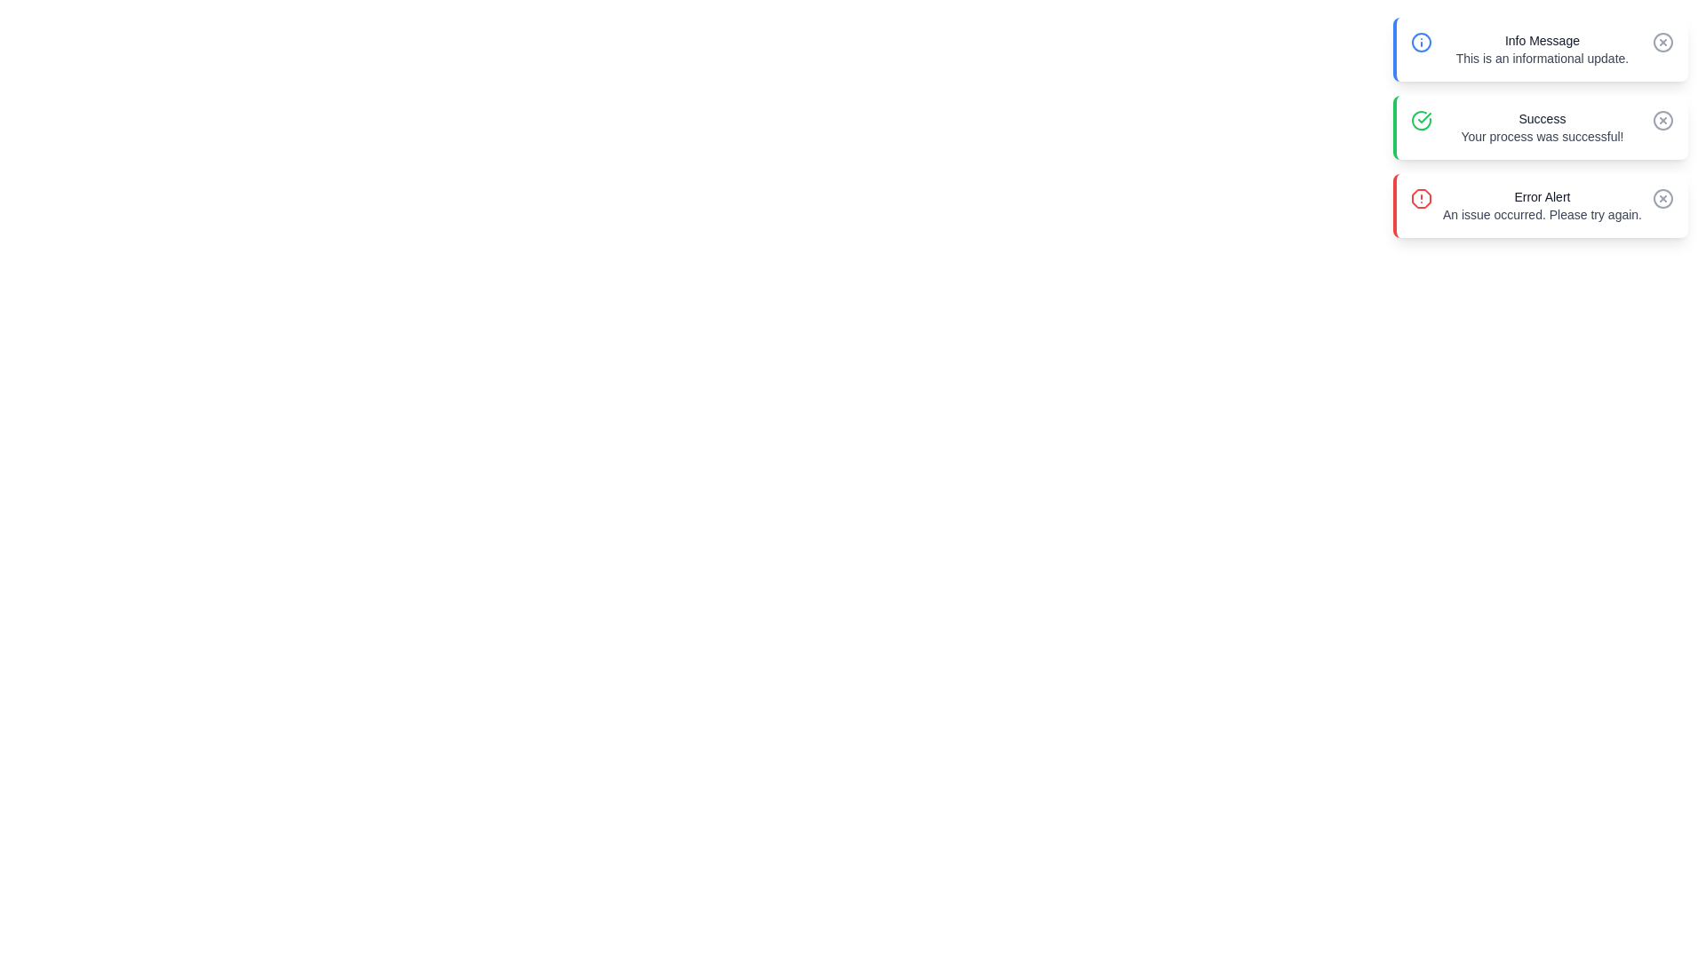  What do you see at coordinates (1662, 41) in the screenshot?
I see `the circular outline element that is part of the icon next to the 'Info Message' text in the topmost notification box` at bounding box center [1662, 41].